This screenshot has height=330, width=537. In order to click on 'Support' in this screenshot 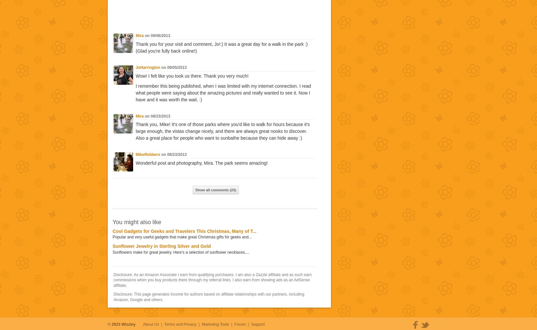, I will do `click(257, 324)`.